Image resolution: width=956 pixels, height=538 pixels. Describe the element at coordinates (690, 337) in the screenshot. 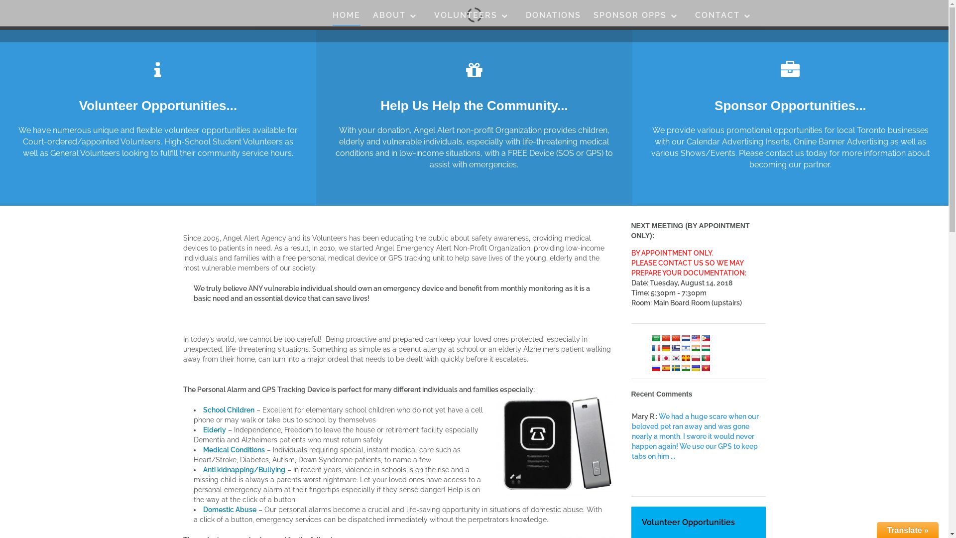

I see `'English'` at that location.